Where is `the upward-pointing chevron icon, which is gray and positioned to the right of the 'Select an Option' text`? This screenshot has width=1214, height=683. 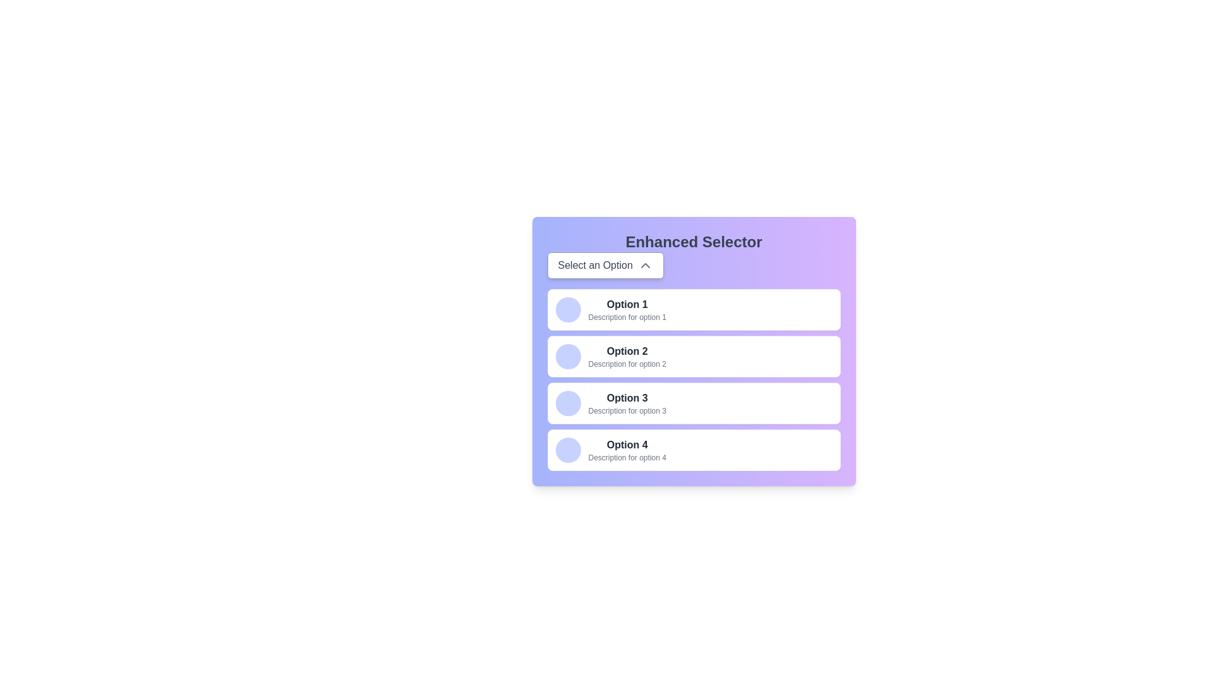
the upward-pointing chevron icon, which is gray and positioned to the right of the 'Select an Option' text is located at coordinates (645, 265).